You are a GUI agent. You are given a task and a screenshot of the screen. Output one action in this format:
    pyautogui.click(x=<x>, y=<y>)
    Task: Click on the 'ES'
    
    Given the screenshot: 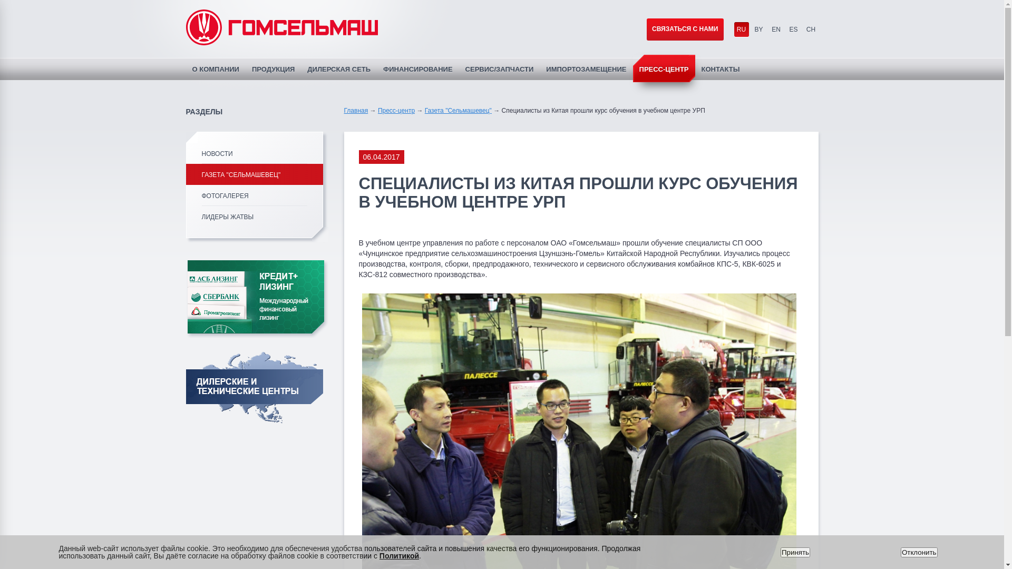 What is the action you would take?
    pyautogui.click(x=786, y=29)
    